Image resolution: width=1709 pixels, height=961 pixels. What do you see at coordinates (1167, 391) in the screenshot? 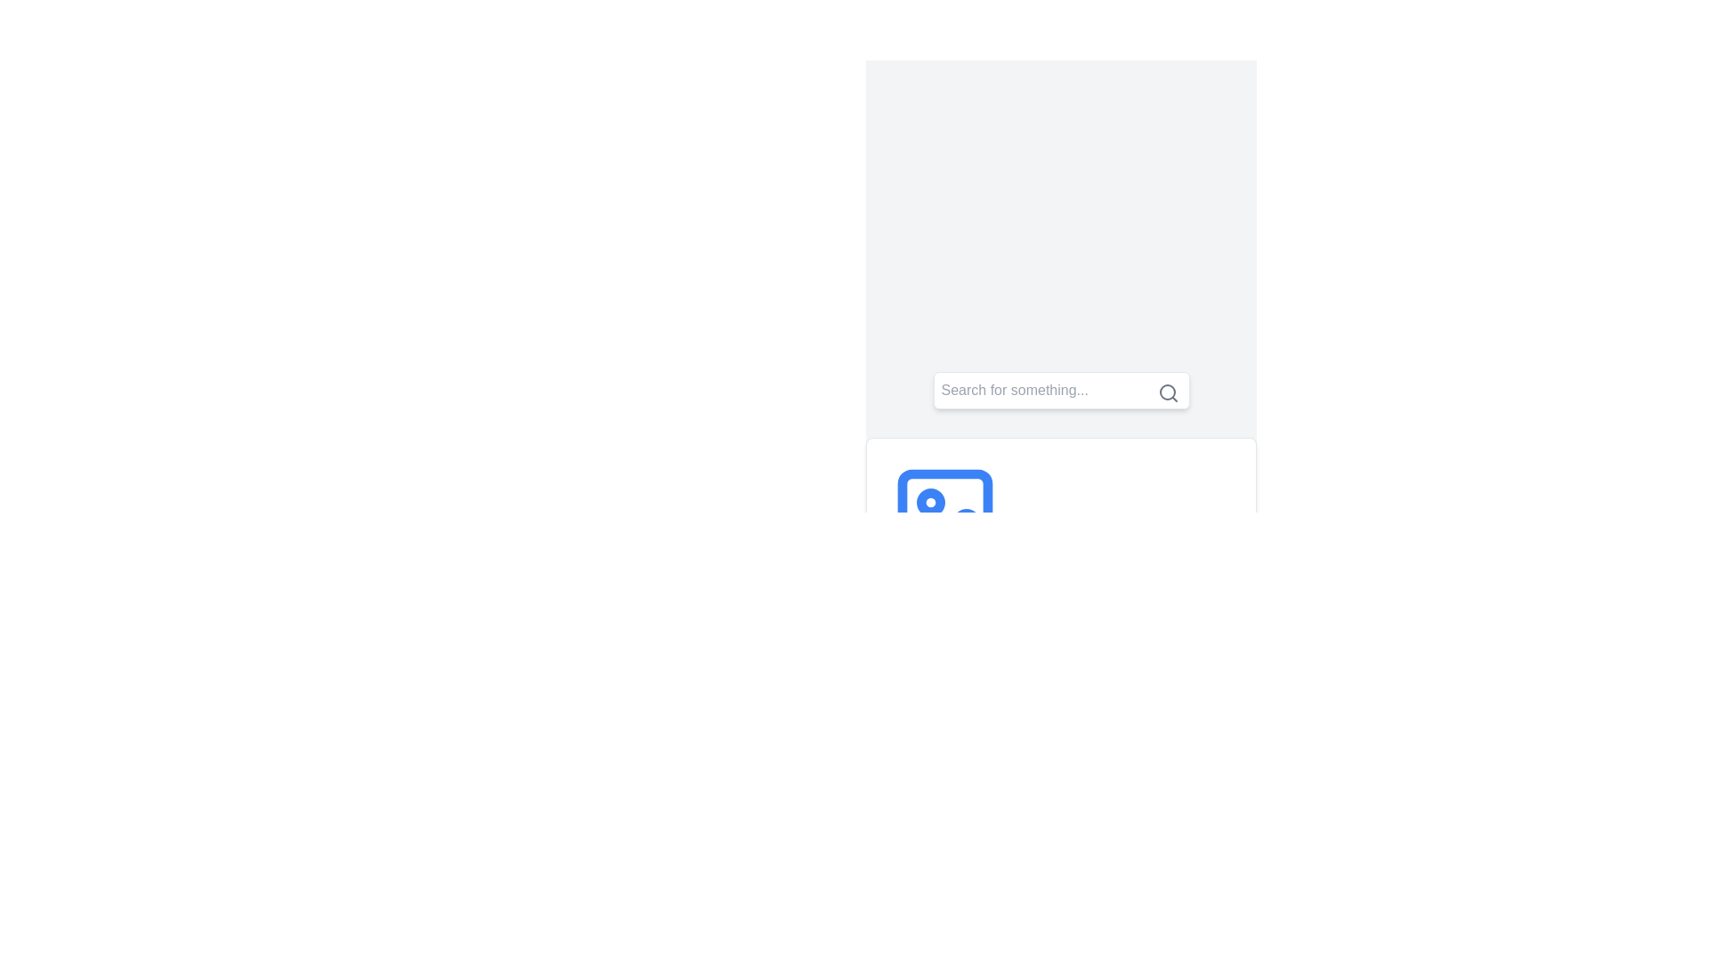
I see `the decorative circle element representing the lens of the search icon located in the top-right corner of the search bar` at bounding box center [1167, 391].